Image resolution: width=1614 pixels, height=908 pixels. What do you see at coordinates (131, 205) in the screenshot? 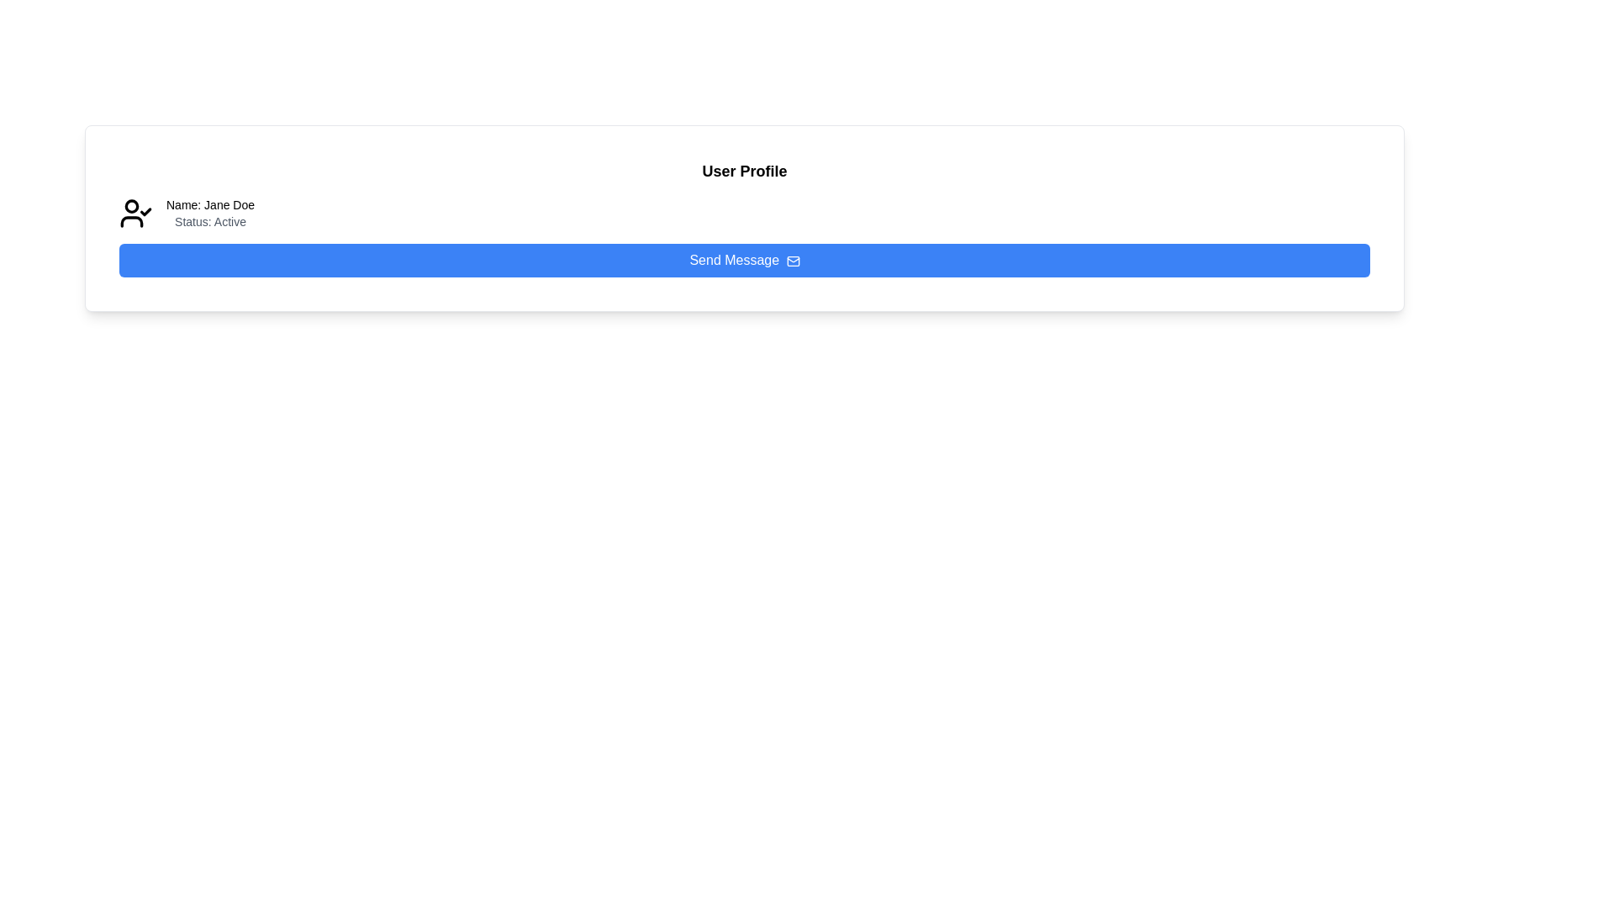
I see `the filled circular vector graphic that represents the user's profile icon, located to the left of the name and status text` at bounding box center [131, 205].